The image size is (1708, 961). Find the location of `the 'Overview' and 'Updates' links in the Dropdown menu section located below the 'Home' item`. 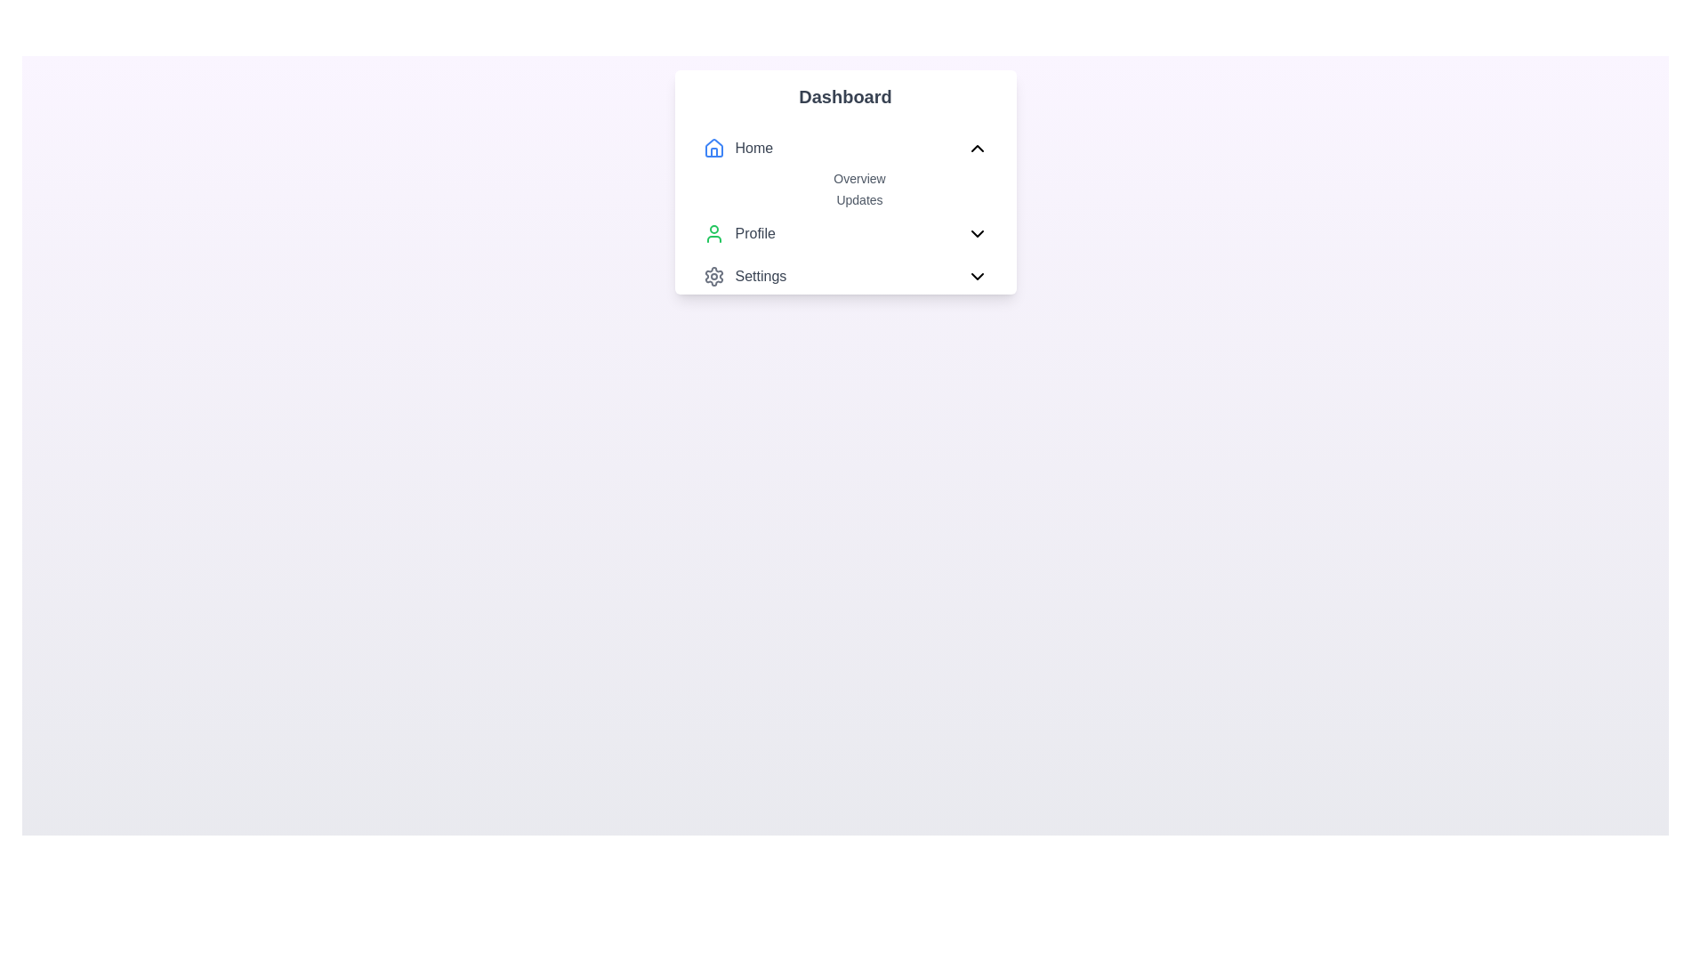

the 'Overview' and 'Updates' links in the Dropdown menu section located below the 'Home' item is located at coordinates (859, 189).